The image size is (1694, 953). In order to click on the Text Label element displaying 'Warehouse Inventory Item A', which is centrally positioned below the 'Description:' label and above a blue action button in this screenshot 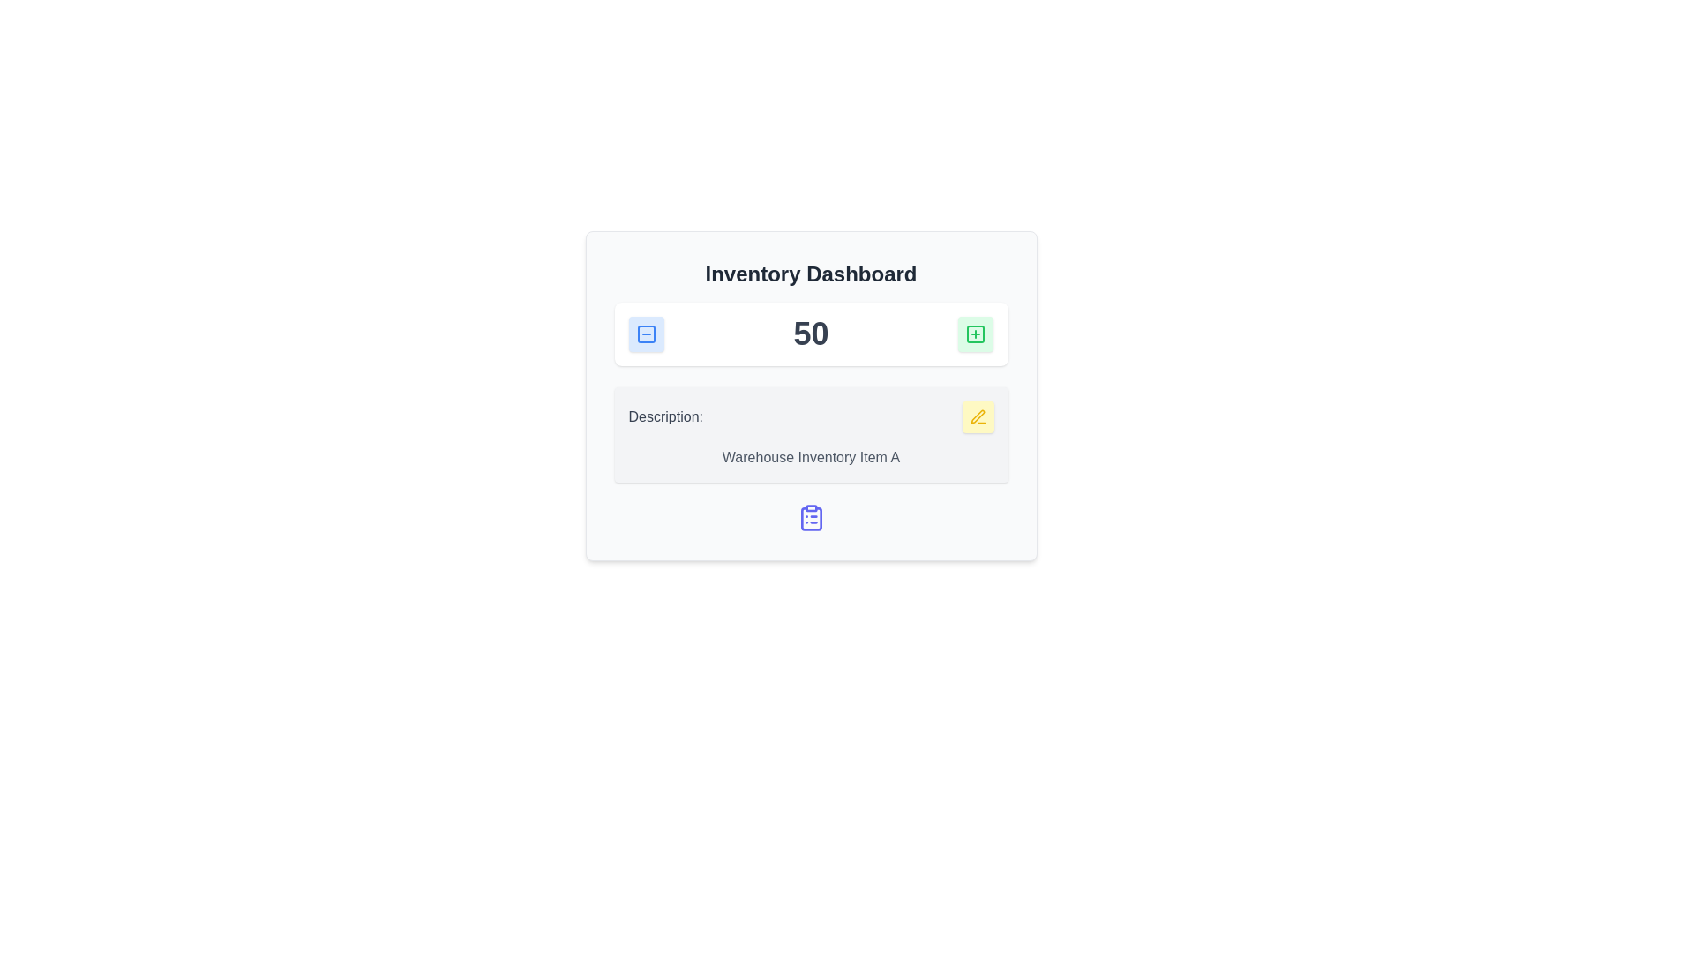, I will do `click(810, 457)`.